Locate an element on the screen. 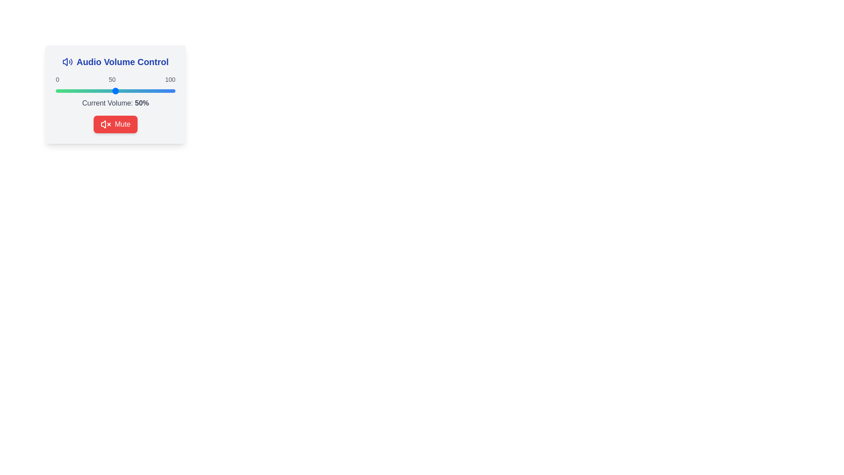 The image size is (844, 475). the mute button to mute the audio is located at coordinates (115, 124).